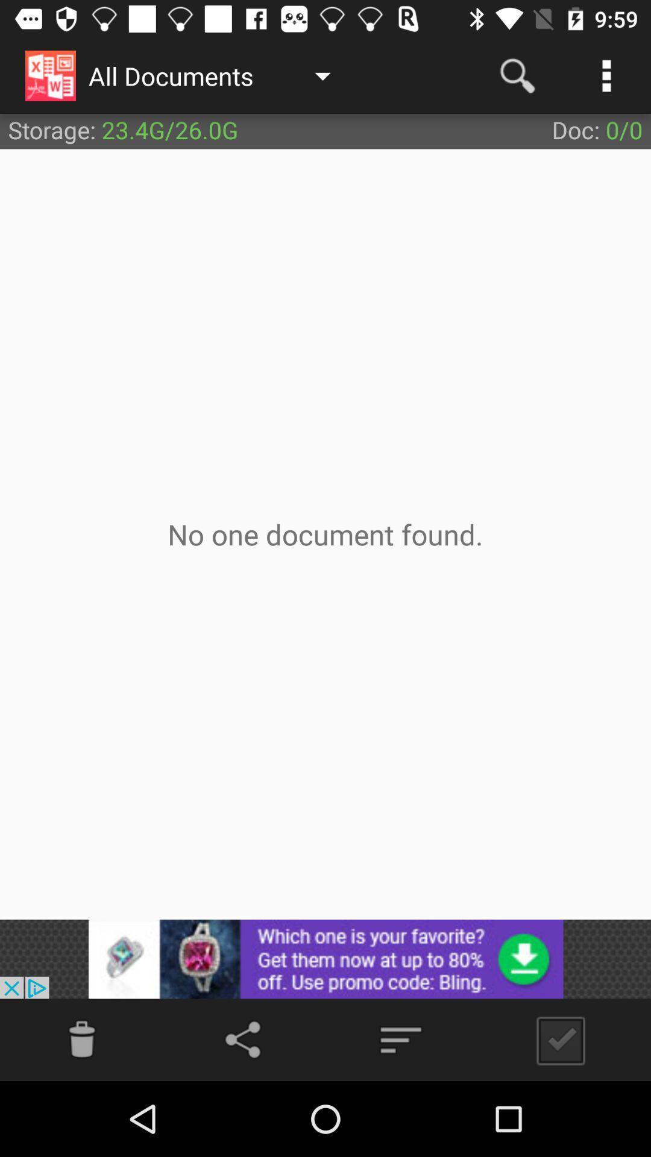 The image size is (651, 1157). Describe the element at coordinates (325, 958) in the screenshot. I see `advert pop up` at that location.